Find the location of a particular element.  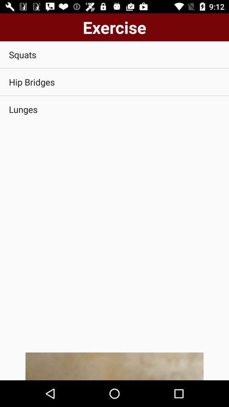

the icon below exercise is located at coordinates (114, 54).